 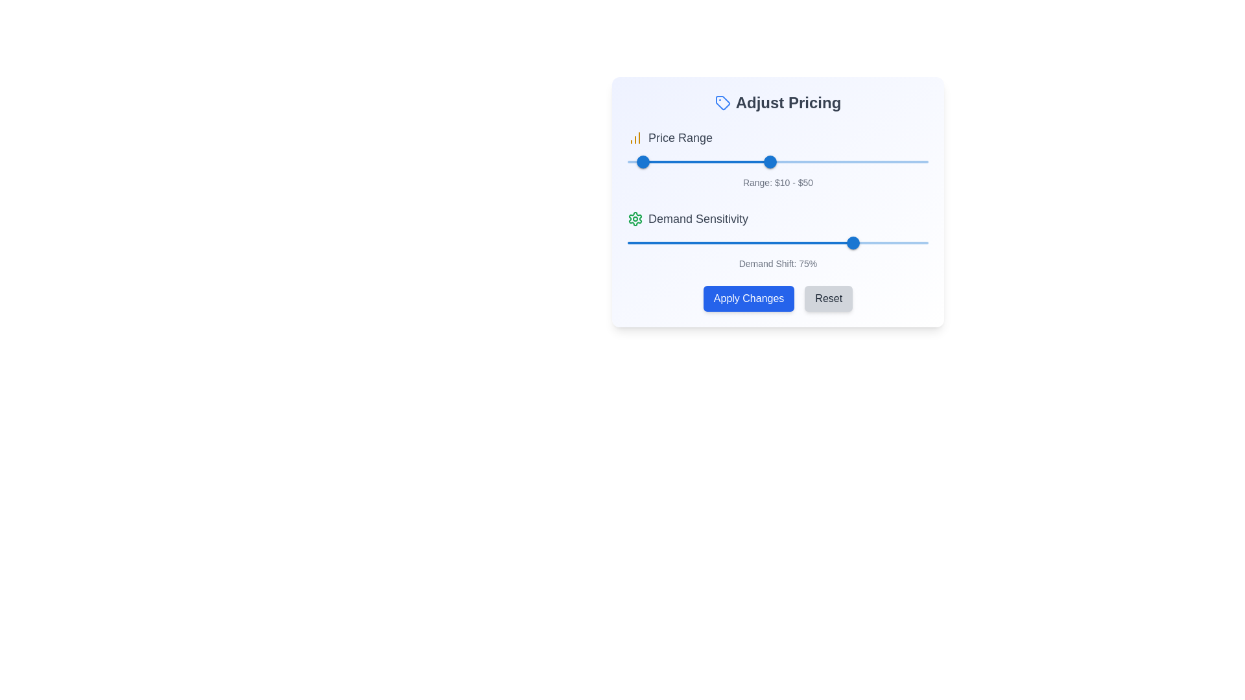 I want to click on the price range slider, so click(x=768, y=161).